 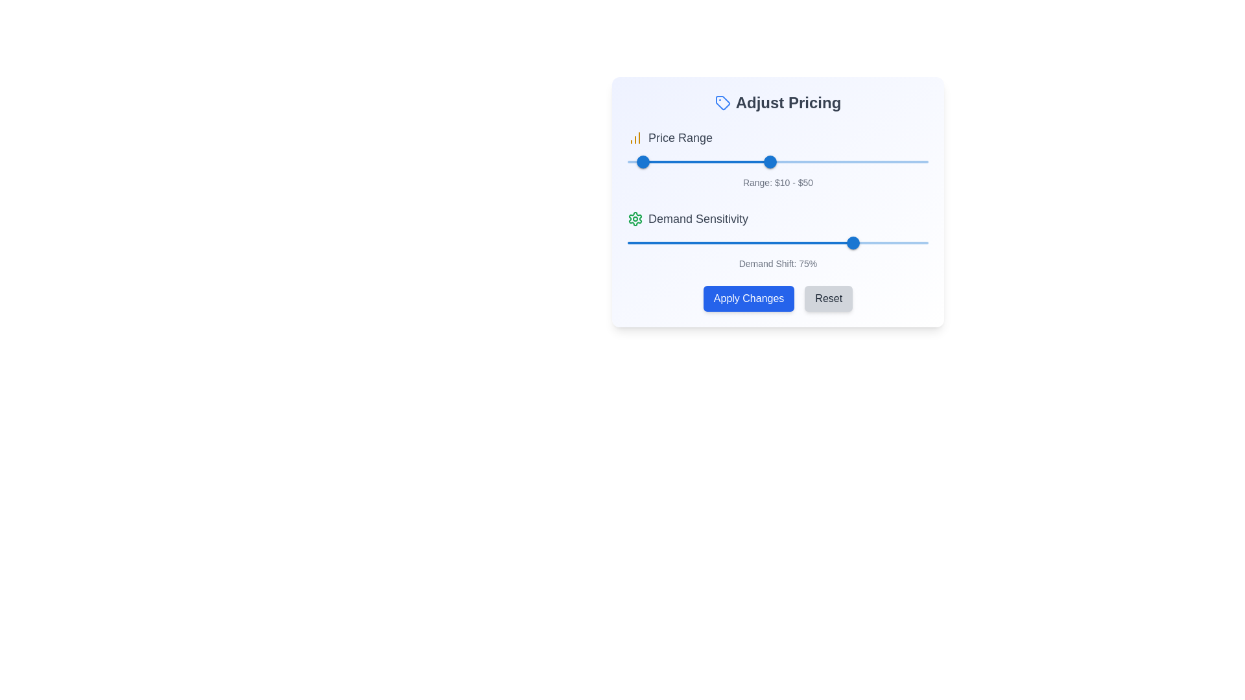 I want to click on the price range slider, so click(x=768, y=161).